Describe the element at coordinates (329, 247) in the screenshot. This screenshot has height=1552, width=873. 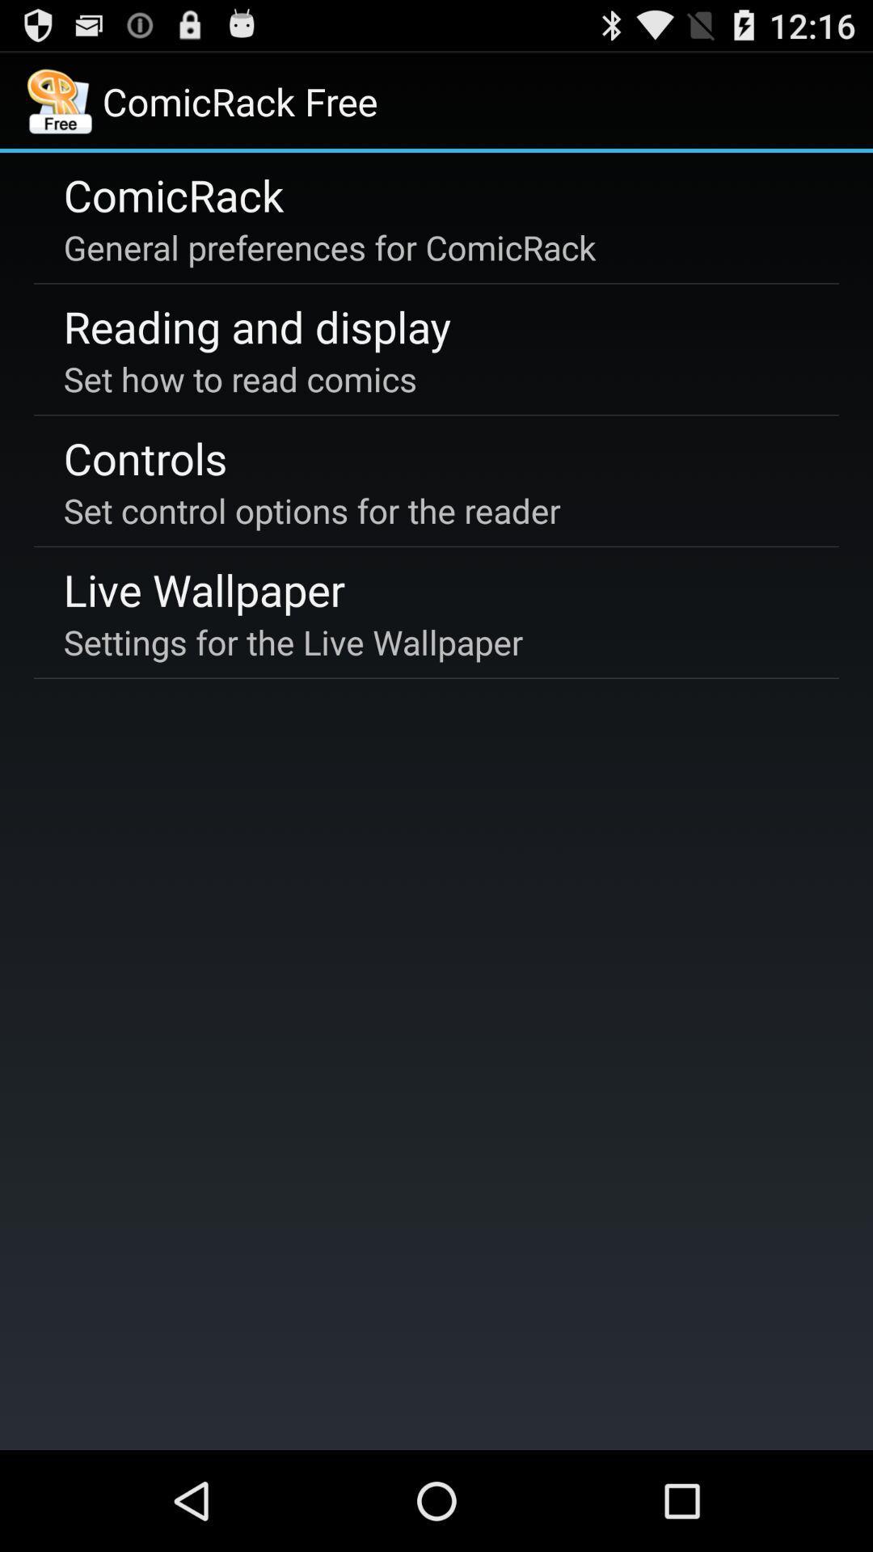
I see `app above the reading and display app` at that location.